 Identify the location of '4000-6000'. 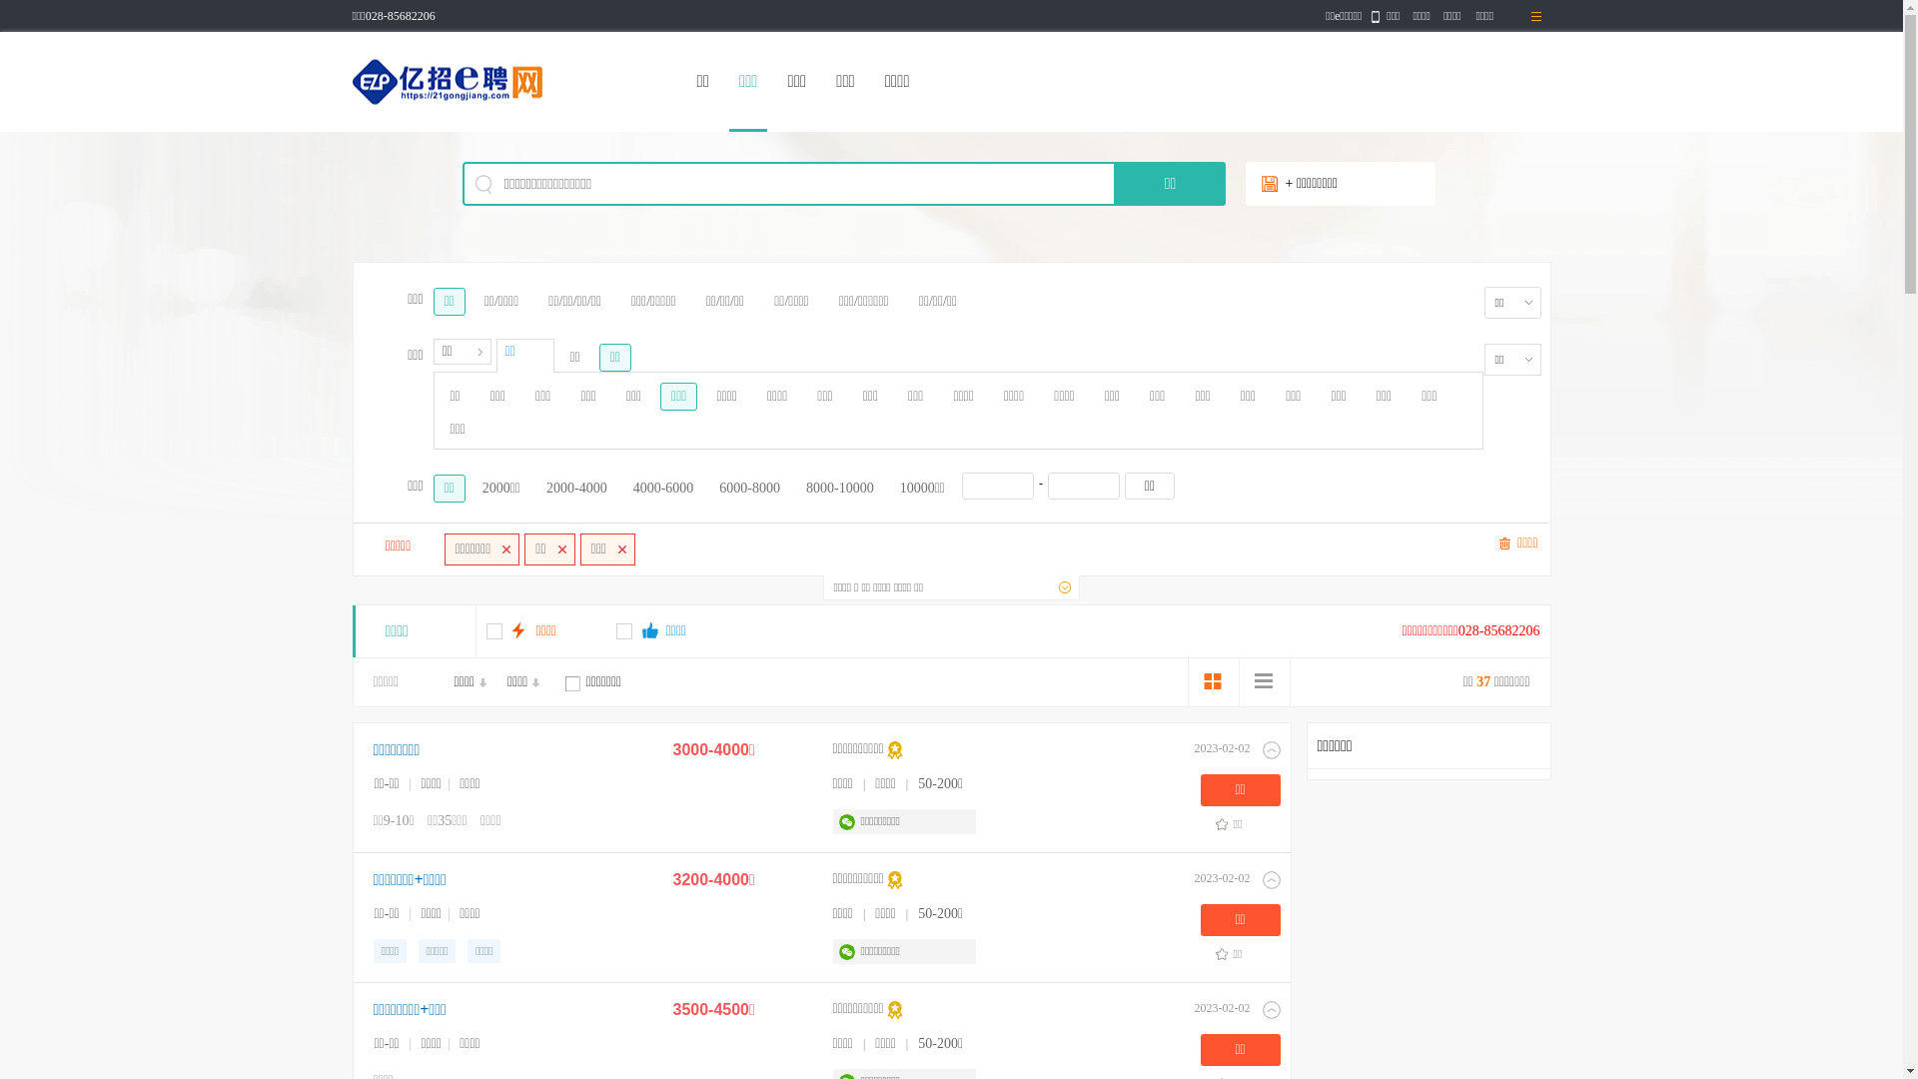
(663, 489).